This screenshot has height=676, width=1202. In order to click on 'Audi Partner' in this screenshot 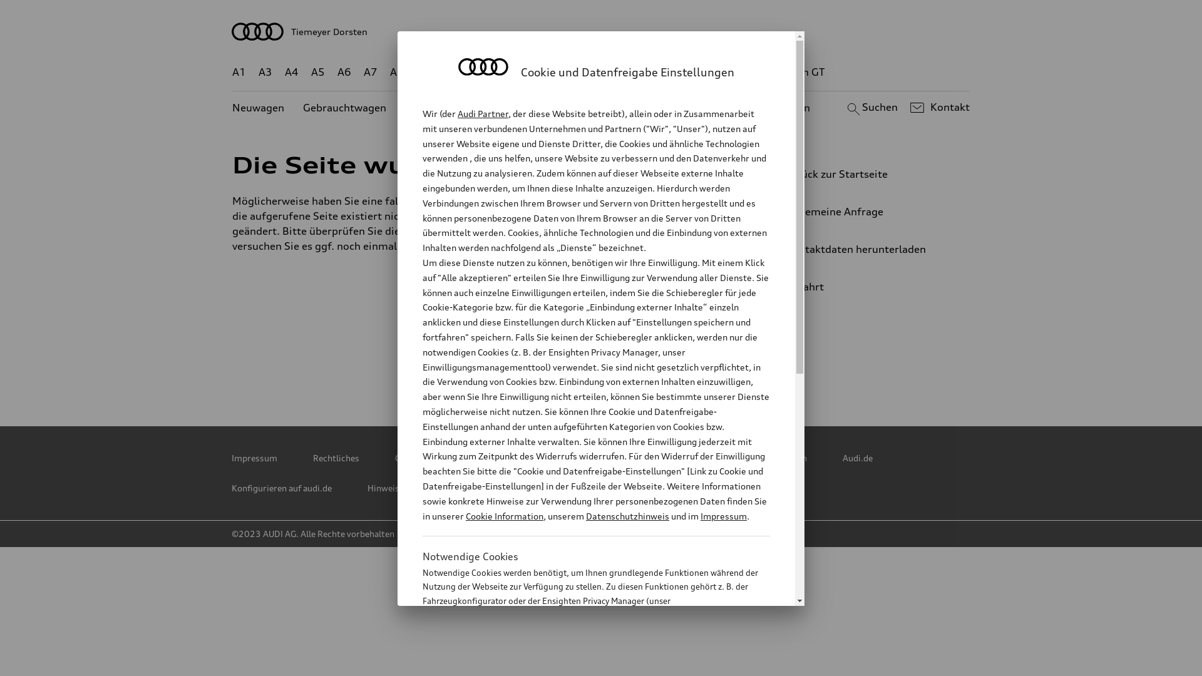, I will do `click(482, 113)`.